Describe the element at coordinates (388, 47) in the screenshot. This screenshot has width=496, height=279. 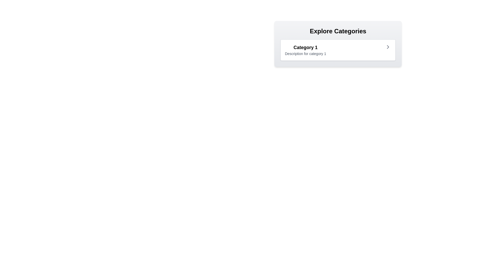
I see `the rightward-pointing chevron icon, which is located within the 'Explore Categories' card next to 'Category 1'` at that location.